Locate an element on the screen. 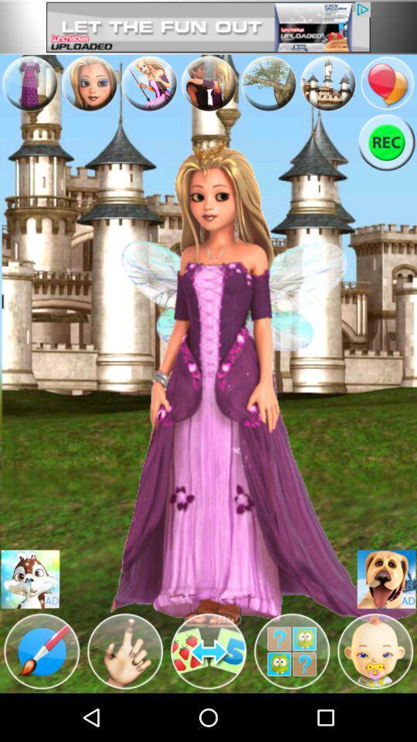 This screenshot has height=742, width=417. edit is located at coordinates (292, 650).